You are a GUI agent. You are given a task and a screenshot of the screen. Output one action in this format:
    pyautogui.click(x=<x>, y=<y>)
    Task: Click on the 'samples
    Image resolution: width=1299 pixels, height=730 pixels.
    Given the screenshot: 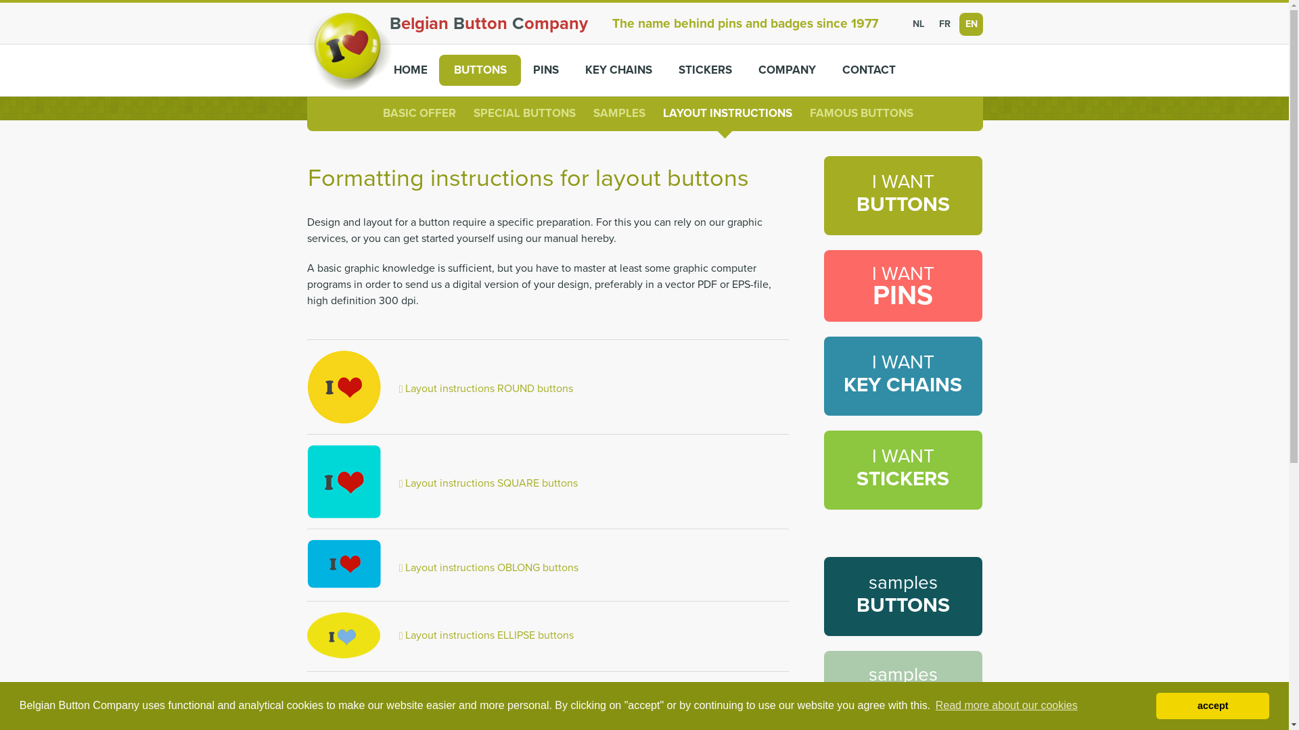 What is the action you would take?
    pyautogui.click(x=903, y=686)
    